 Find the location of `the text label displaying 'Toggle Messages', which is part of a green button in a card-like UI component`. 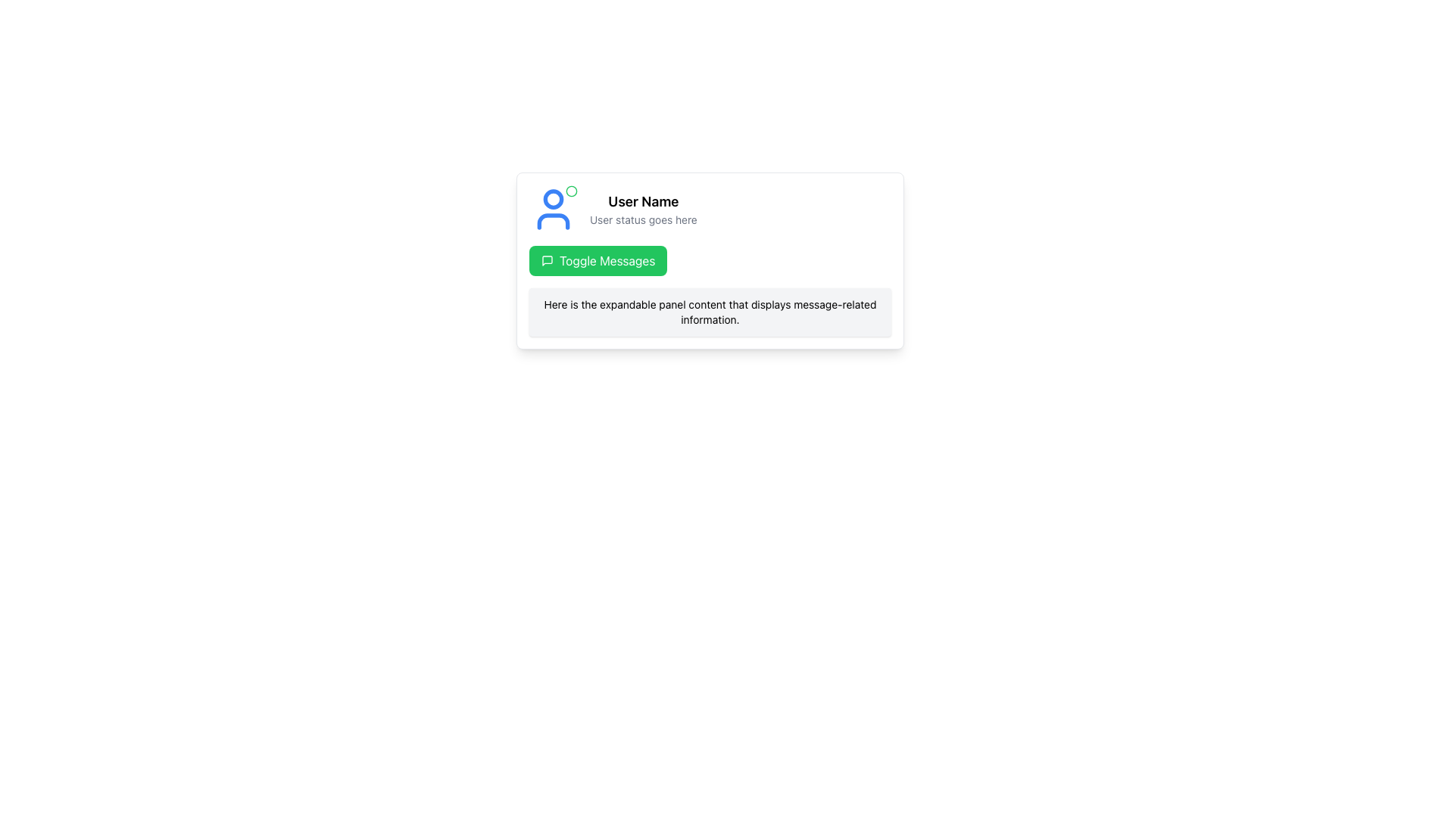

the text label displaying 'Toggle Messages', which is part of a green button in a card-like UI component is located at coordinates (607, 259).